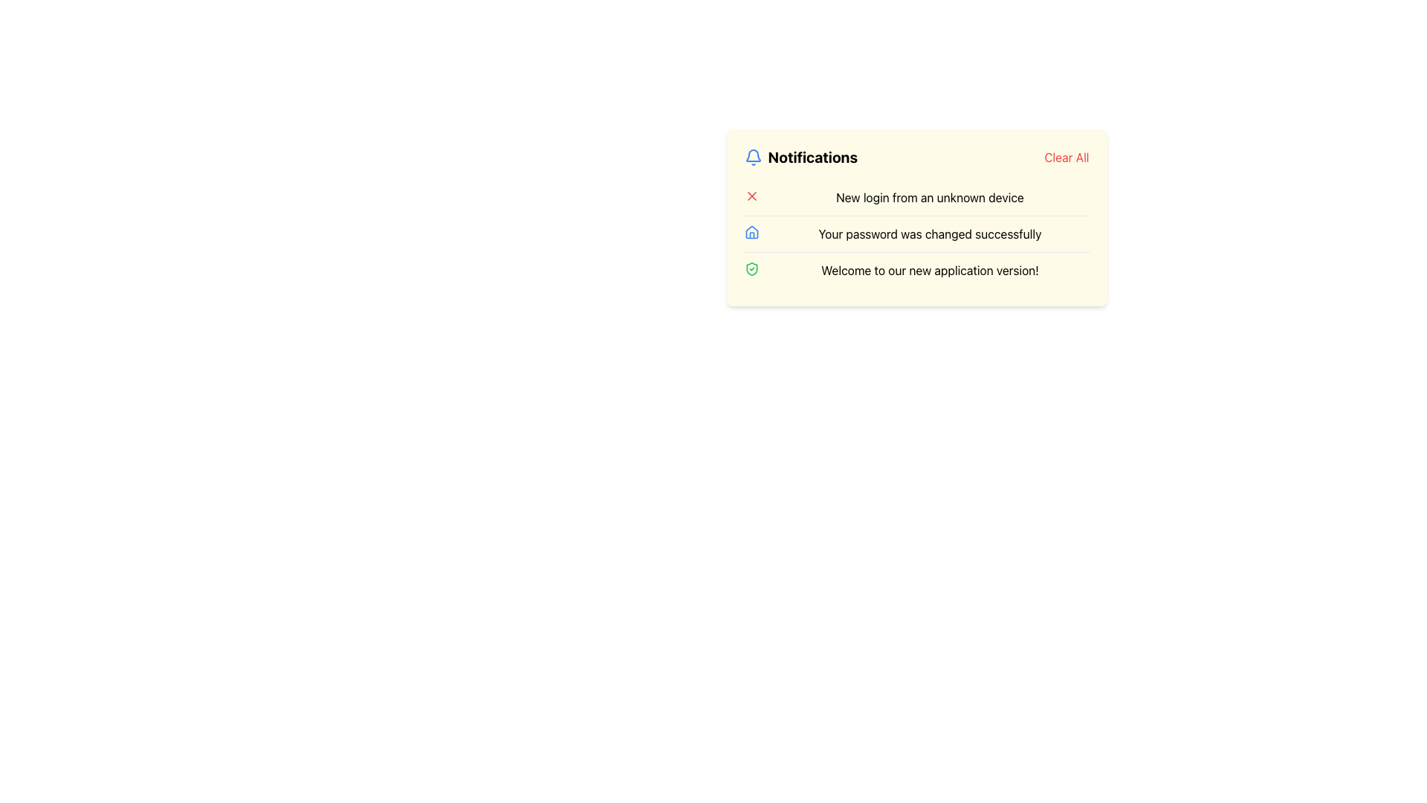  What do you see at coordinates (751, 232) in the screenshot?
I see `the small house-shaped light blue notification icon located to the left of the text 'Your password was changed successfully'` at bounding box center [751, 232].